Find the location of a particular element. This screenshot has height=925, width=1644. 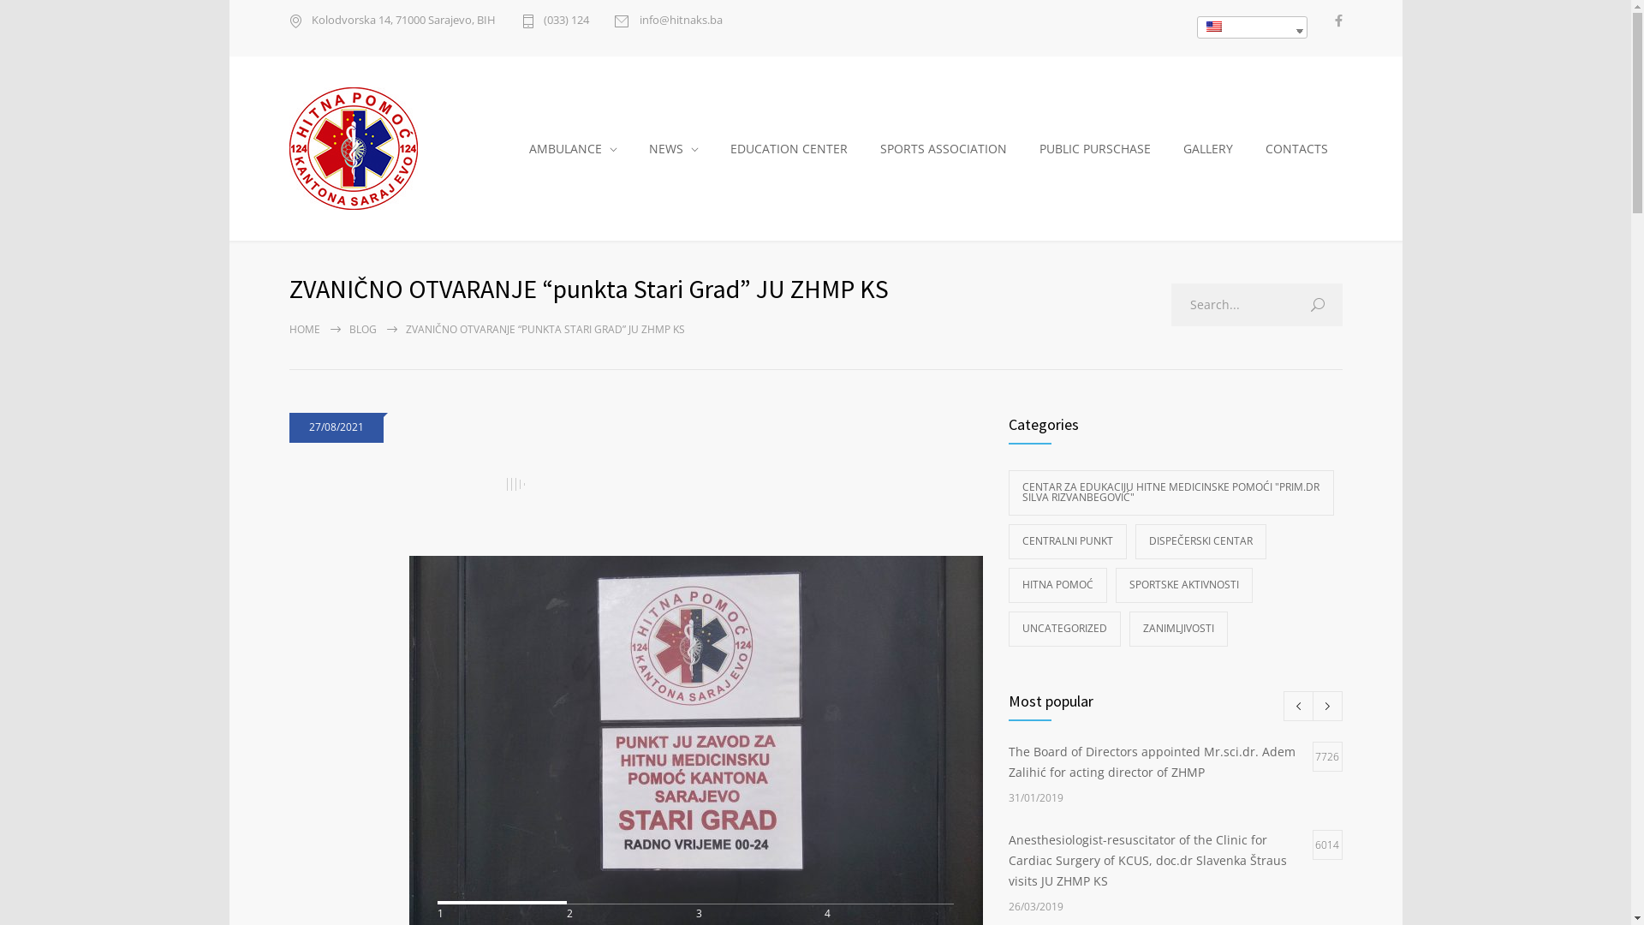

'English' is located at coordinates (1200, 27).